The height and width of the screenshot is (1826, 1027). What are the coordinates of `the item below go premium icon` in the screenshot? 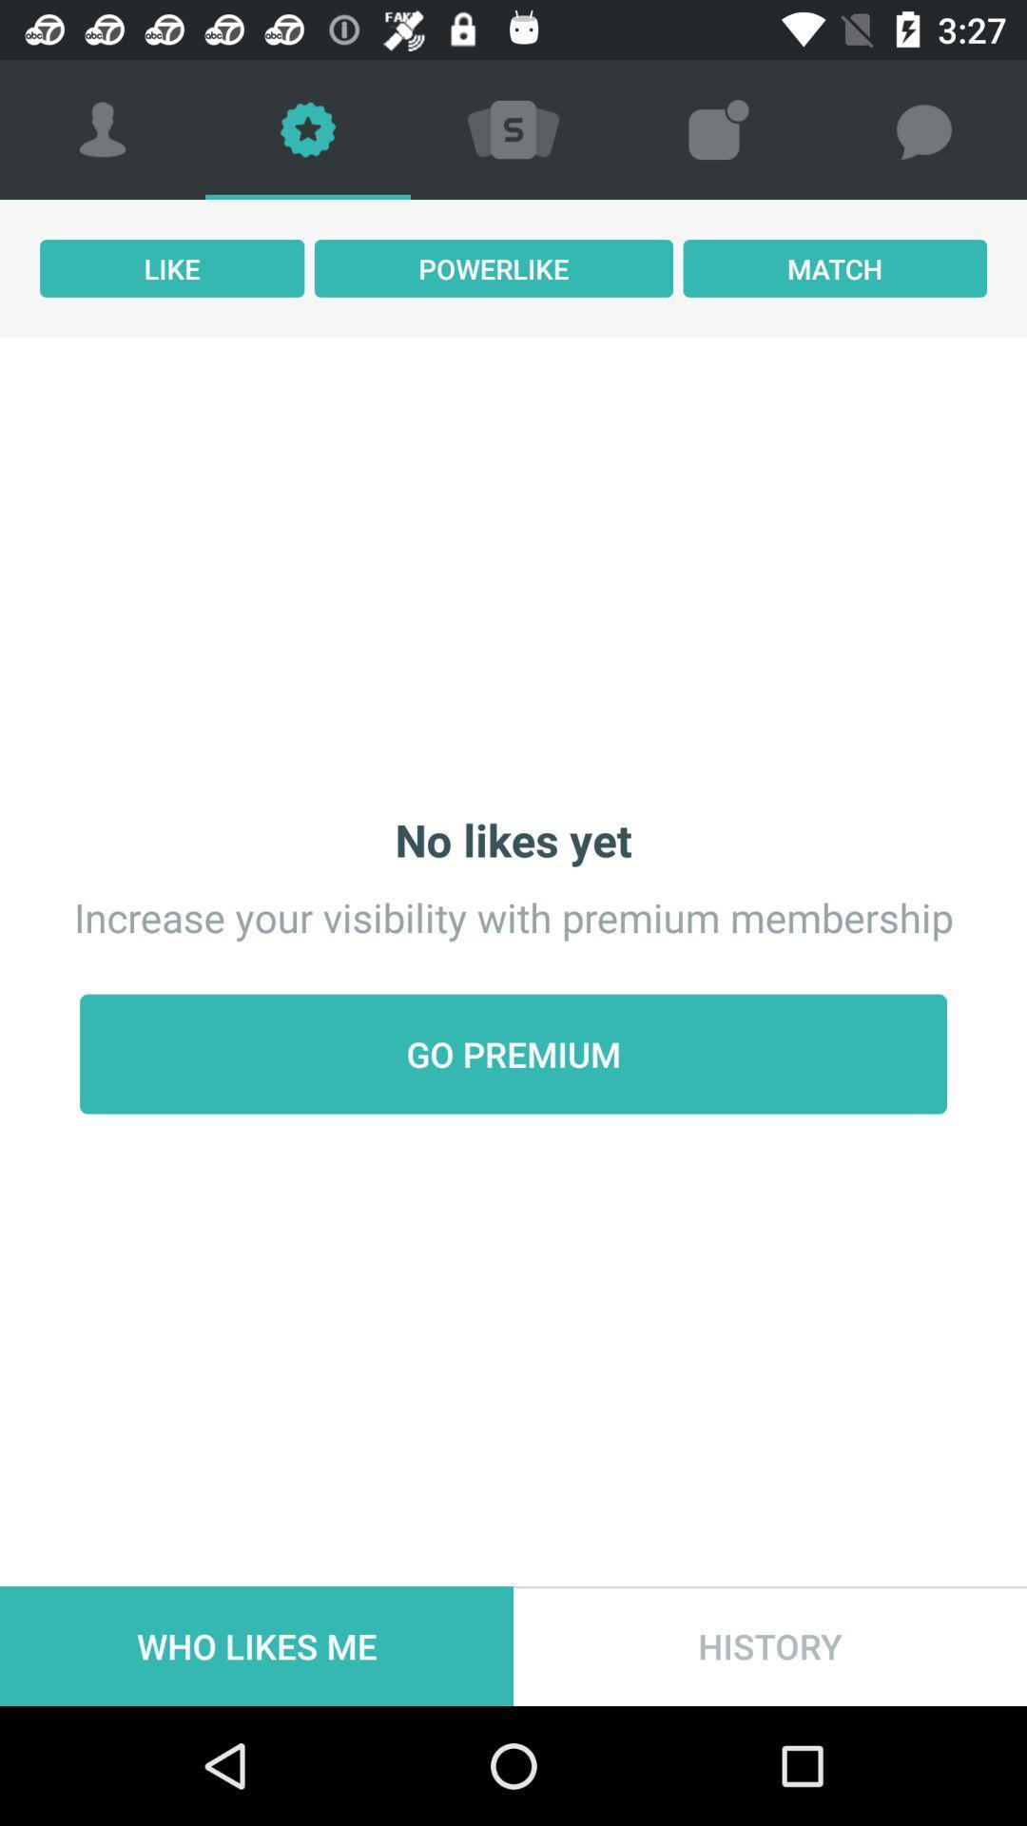 It's located at (257, 1645).